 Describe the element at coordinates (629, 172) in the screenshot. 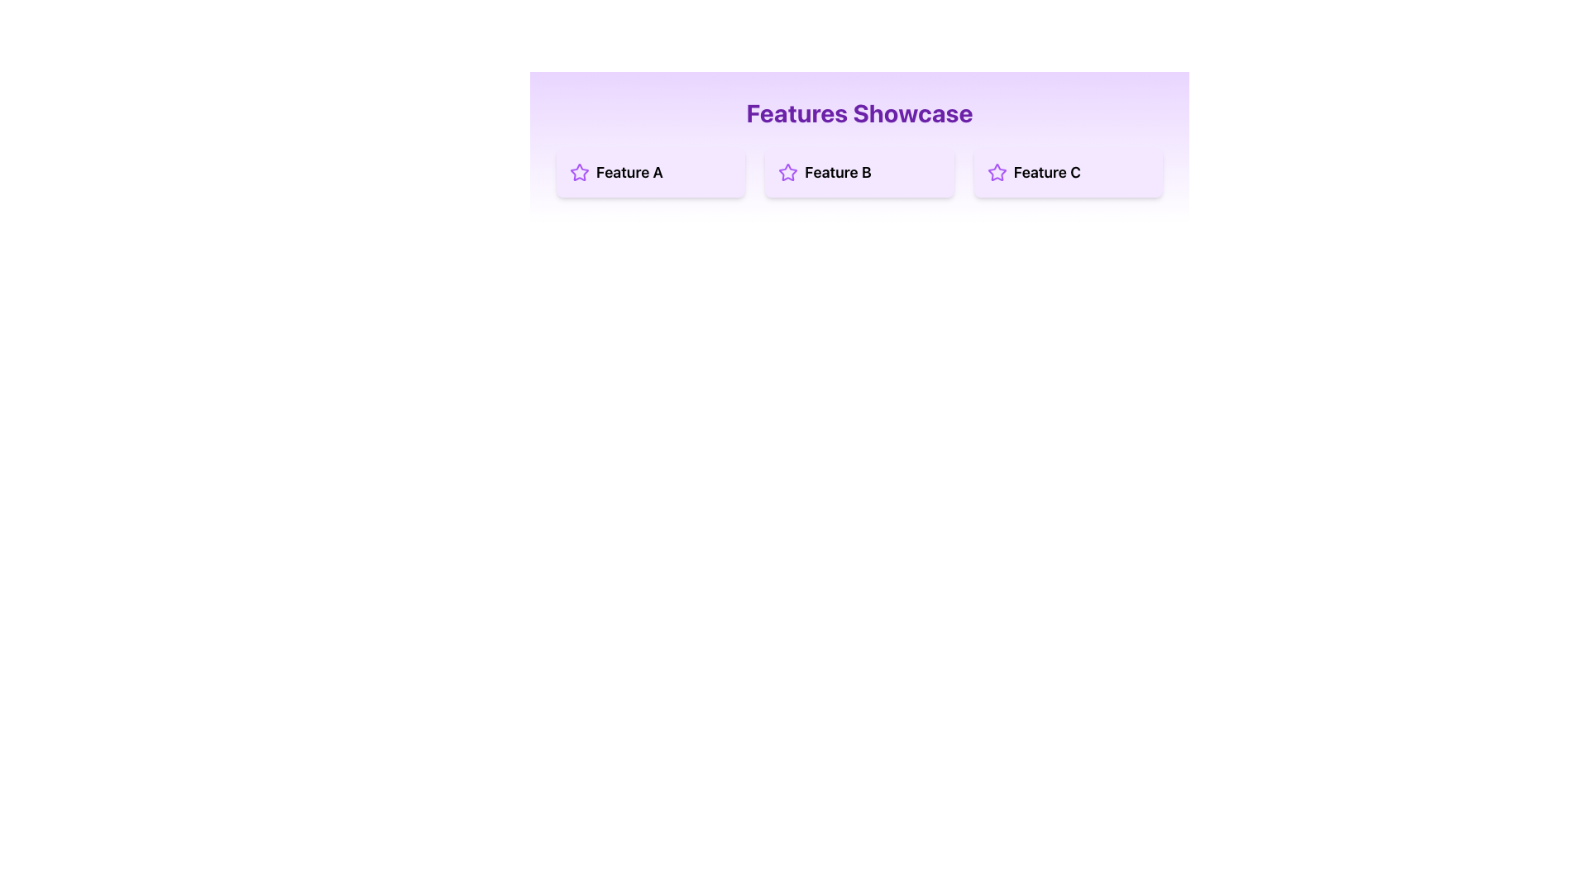

I see `the 'Feature A' text label located in the 'Features Showcase' section, which is the first item in a row of features` at that location.